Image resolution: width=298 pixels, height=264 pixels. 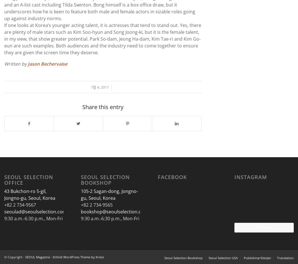 I want to click on '© Copyright  -', so click(x=4, y=257).